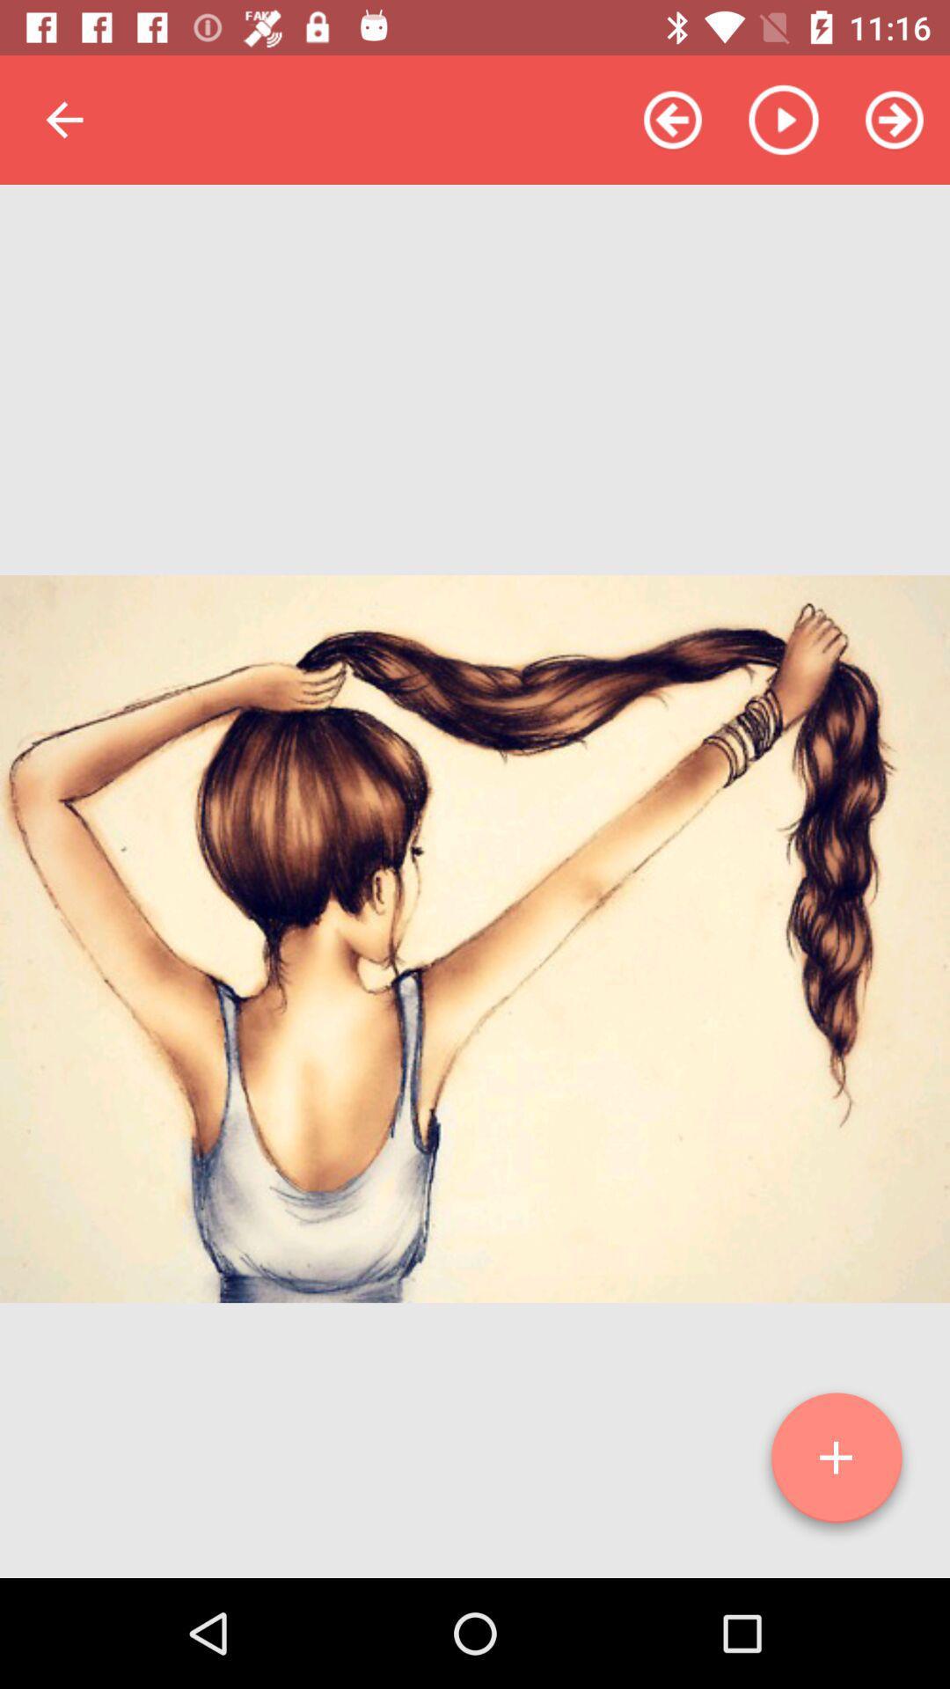  I want to click on icon at the bottom right corner, so click(836, 1465).